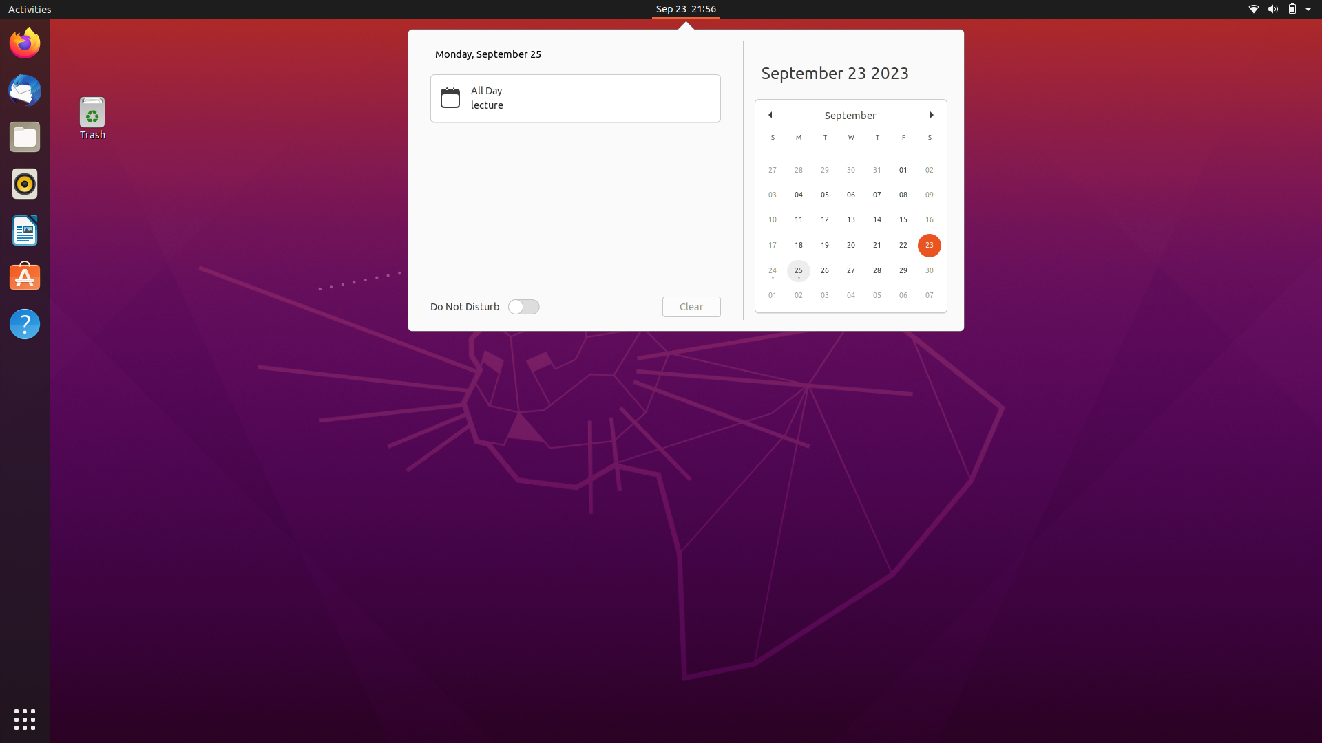 The width and height of the screenshot is (1322, 743). Describe the element at coordinates (932, 113) in the screenshot. I see `Show upcoming events for the next month` at that location.